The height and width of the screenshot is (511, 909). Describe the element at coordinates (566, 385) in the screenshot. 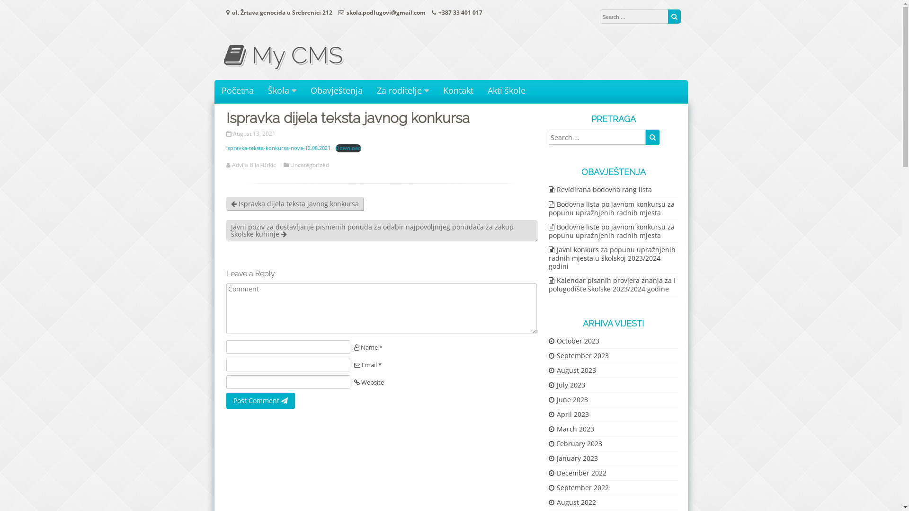

I see `'July 2023'` at that location.